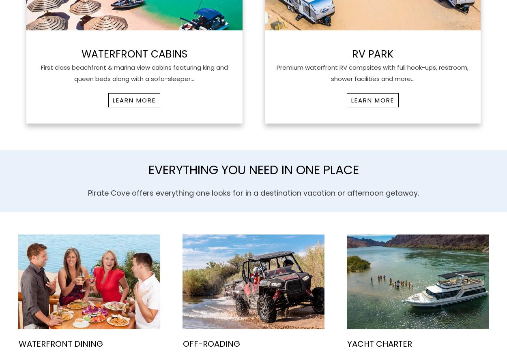 This screenshot has width=507, height=356. I want to click on 'Pirate Cove offers everything one looks for in a destination vacation or afternoon getaway.', so click(253, 192).